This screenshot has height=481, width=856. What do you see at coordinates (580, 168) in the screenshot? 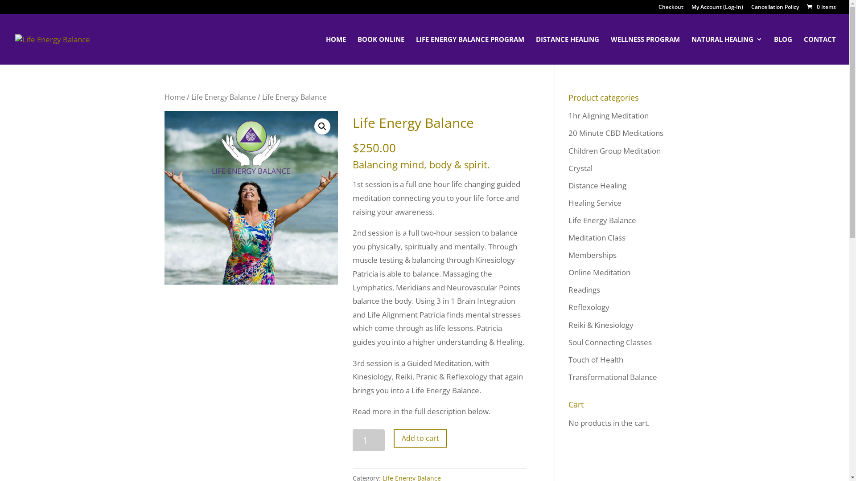
I see `'Crystal'` at bounding box center [580, 168].